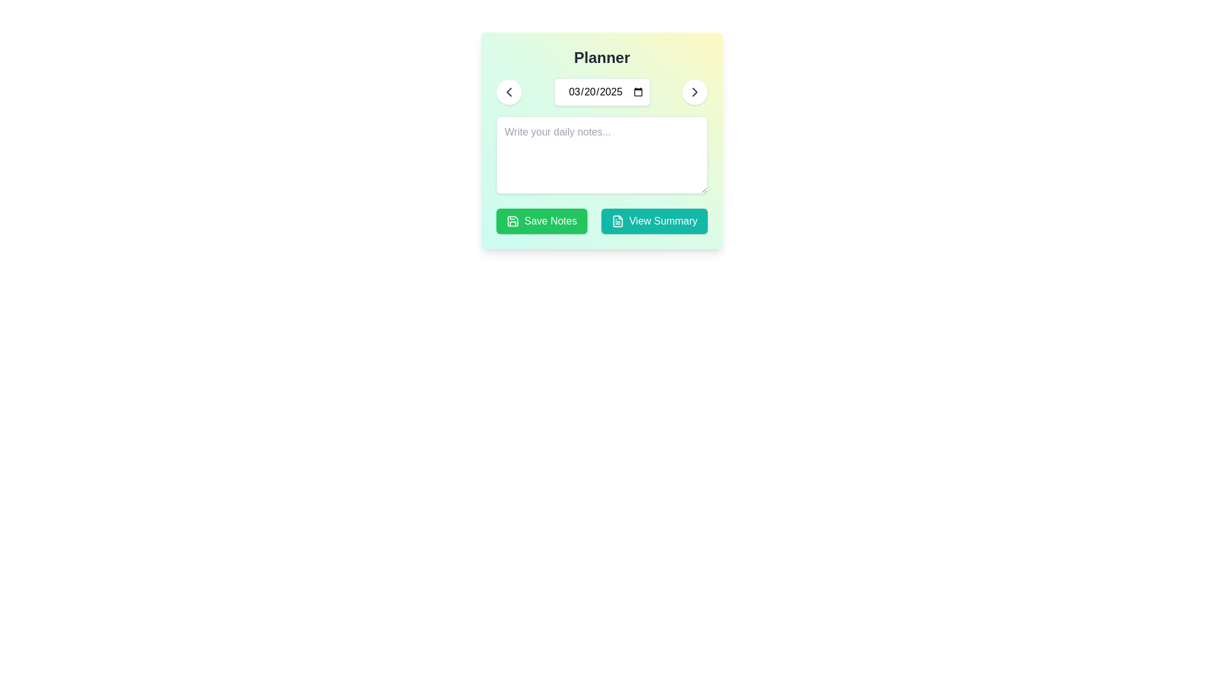 The height and width of the screenshot is (687, 1222). Describe the element at coordinates (617, 220) in the screenshot. I see `the document-like graphic icon to interact with the 'View Summary' button, which is positioned to the left of the text label 'View Summary'` at that location.